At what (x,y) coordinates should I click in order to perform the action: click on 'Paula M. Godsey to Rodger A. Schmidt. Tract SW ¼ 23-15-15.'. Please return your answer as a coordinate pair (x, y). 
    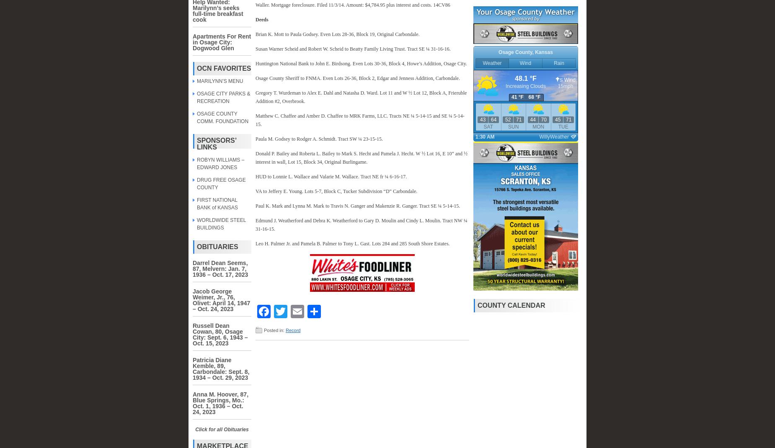
    Looking at the image, I should click on (319, 138).